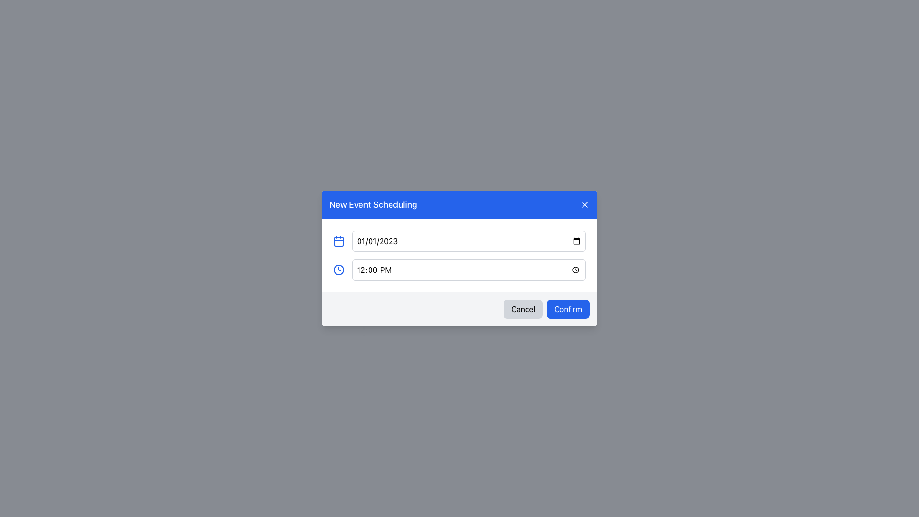  I want to click on the close icon button located in the top-right corner of the blue header bar of the modal dialog, so click(584, 204).